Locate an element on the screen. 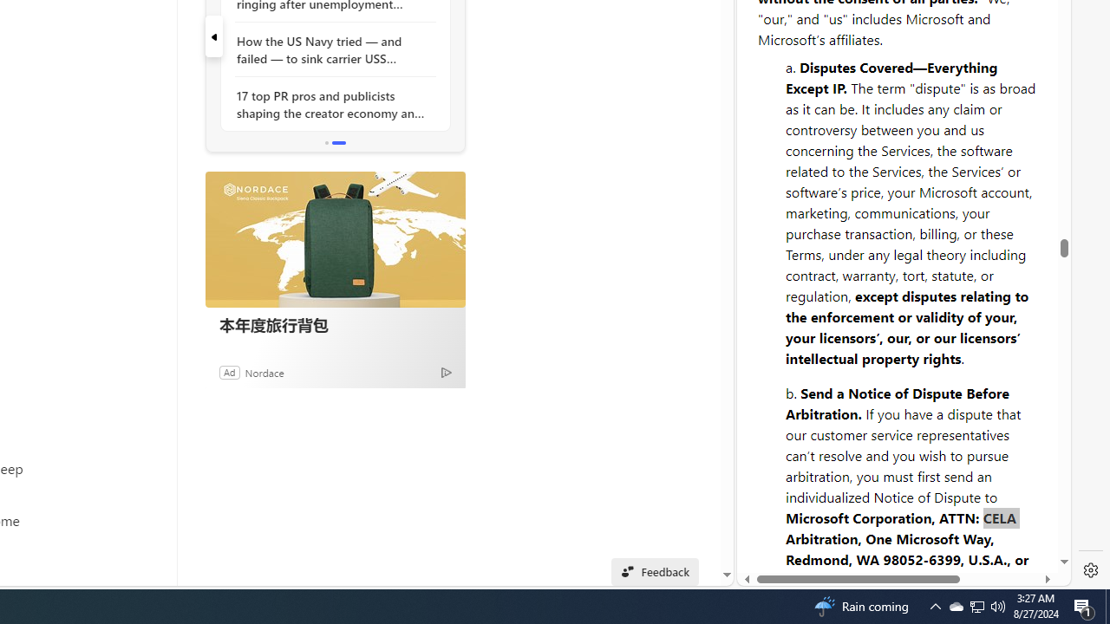 The height and width of the screenshot is (624, 1110). 'Settings' is located at coordinates (1090, 570).